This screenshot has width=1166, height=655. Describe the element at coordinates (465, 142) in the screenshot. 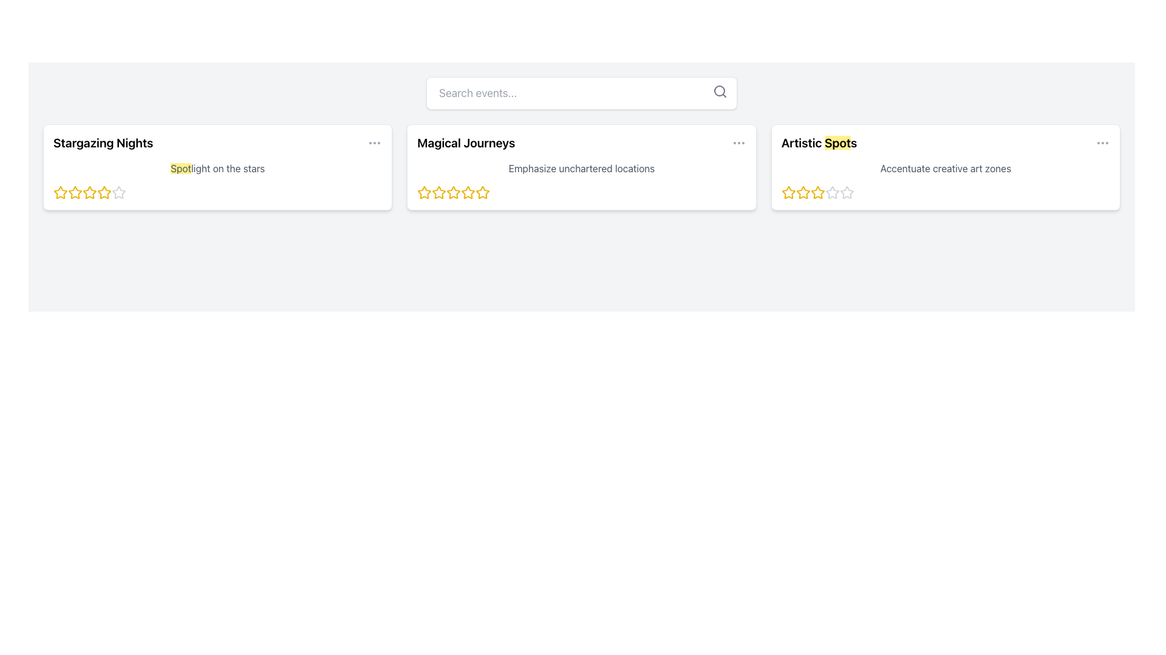

I see `the text label that reads 'Magical Journeys', which is located on the second card in a row of three cards, positioned at the upper part of its card context` at that location.